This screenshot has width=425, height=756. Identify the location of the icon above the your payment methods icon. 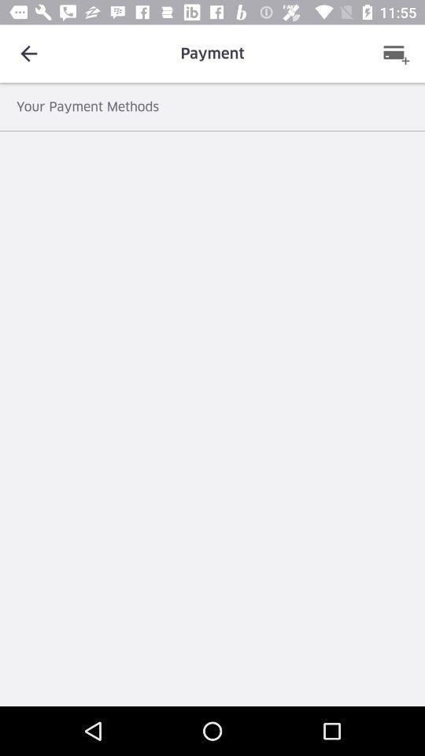
(28, 54).